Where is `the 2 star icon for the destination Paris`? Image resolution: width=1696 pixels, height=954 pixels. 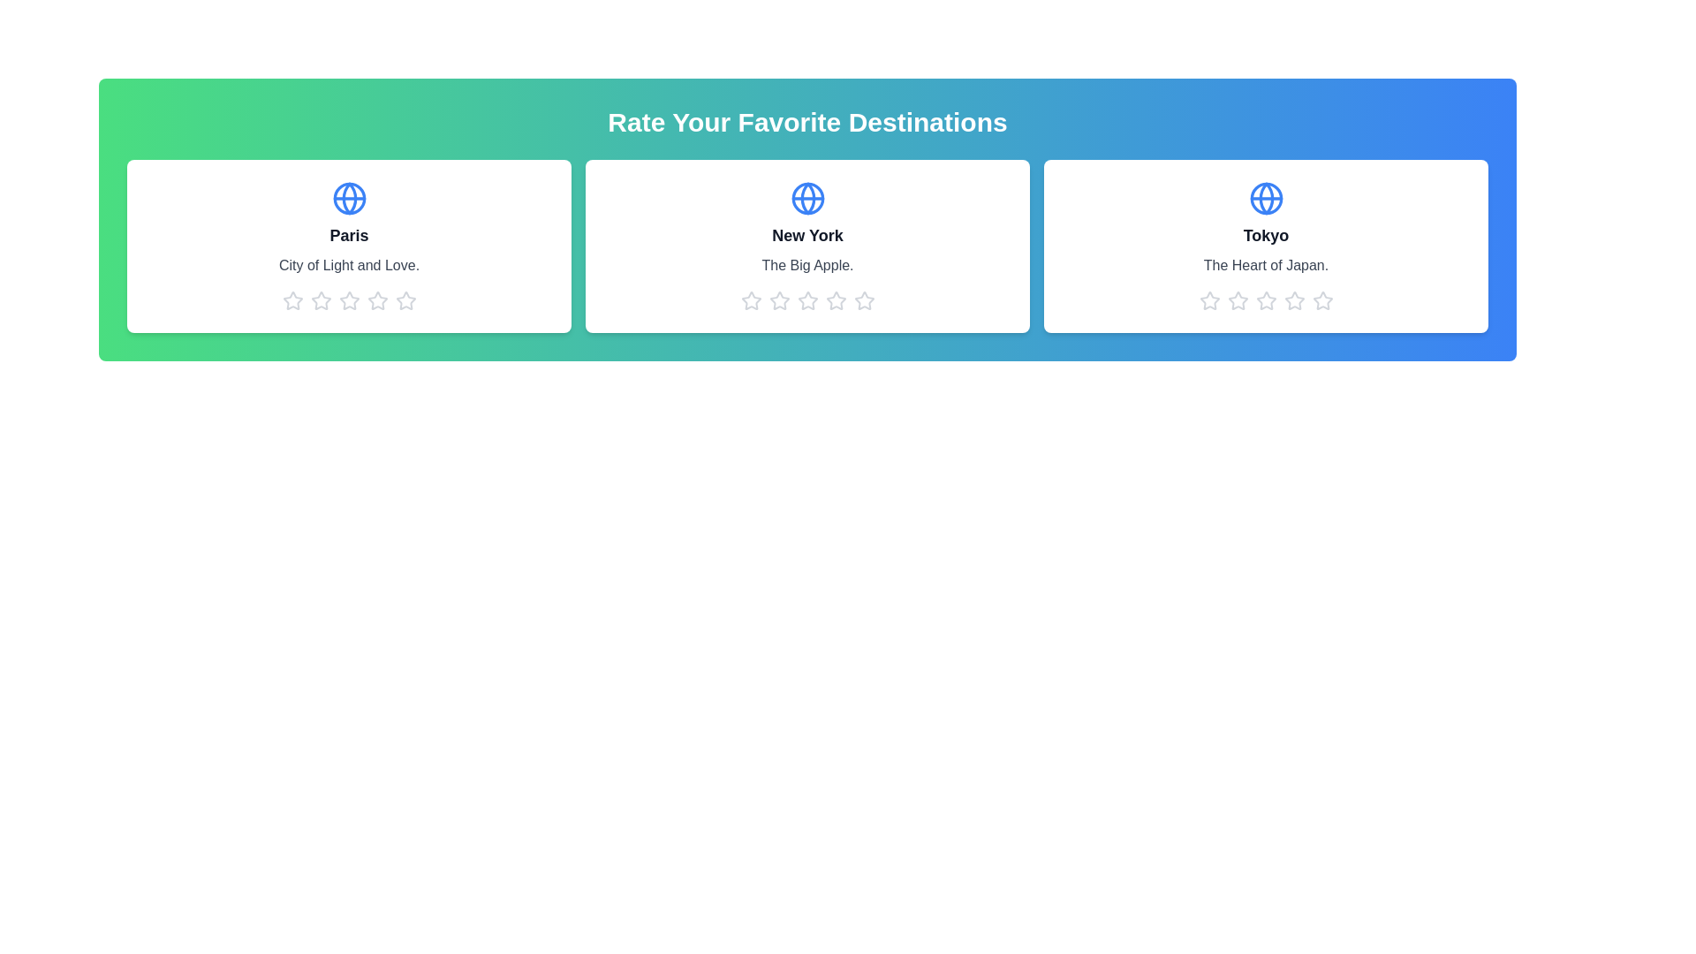
the 2 star icon for the destination Paris is located at coordinates (321, 299).